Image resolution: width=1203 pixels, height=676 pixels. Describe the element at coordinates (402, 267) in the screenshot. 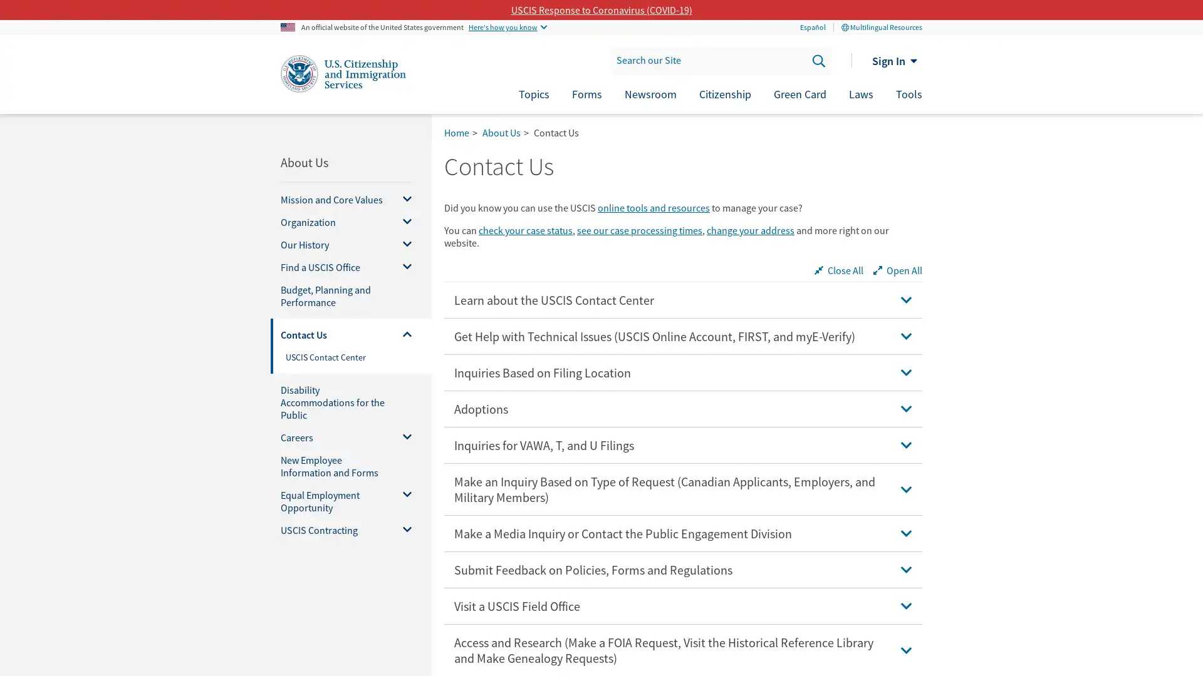

I see `Toggle menu for Find a USCIS Office` at that location.